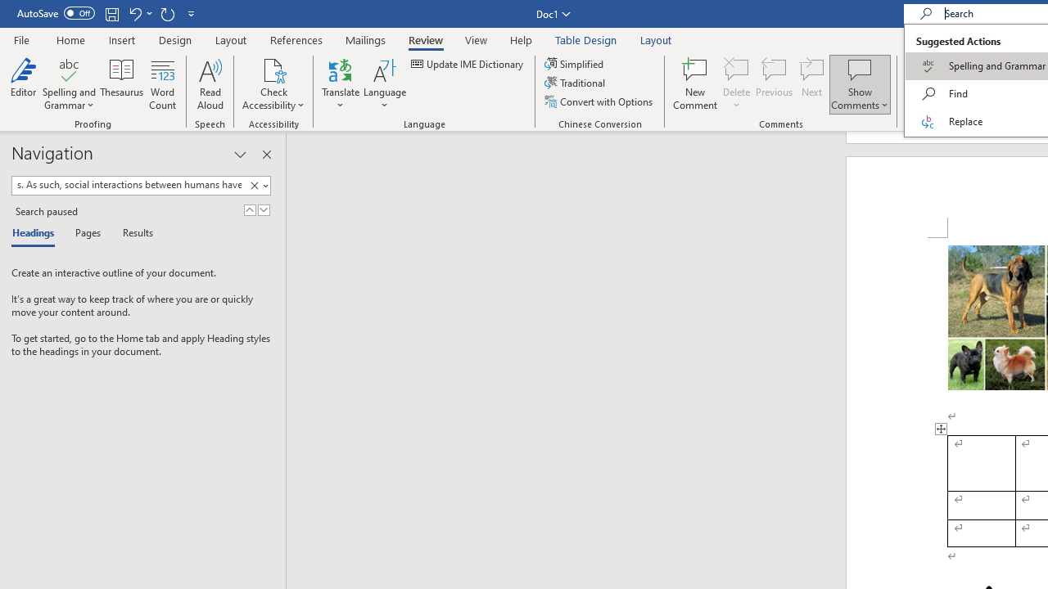 The height and width of the screenshot is (589, 1048). I want to click on 'Previous', so click(774, 84).